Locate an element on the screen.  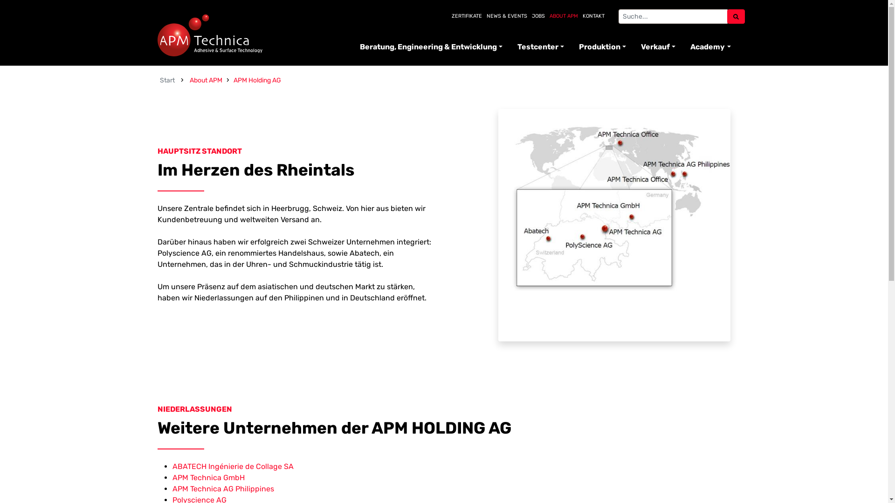
'ZERTIFIKATE' is located at coordinates (466, 16).